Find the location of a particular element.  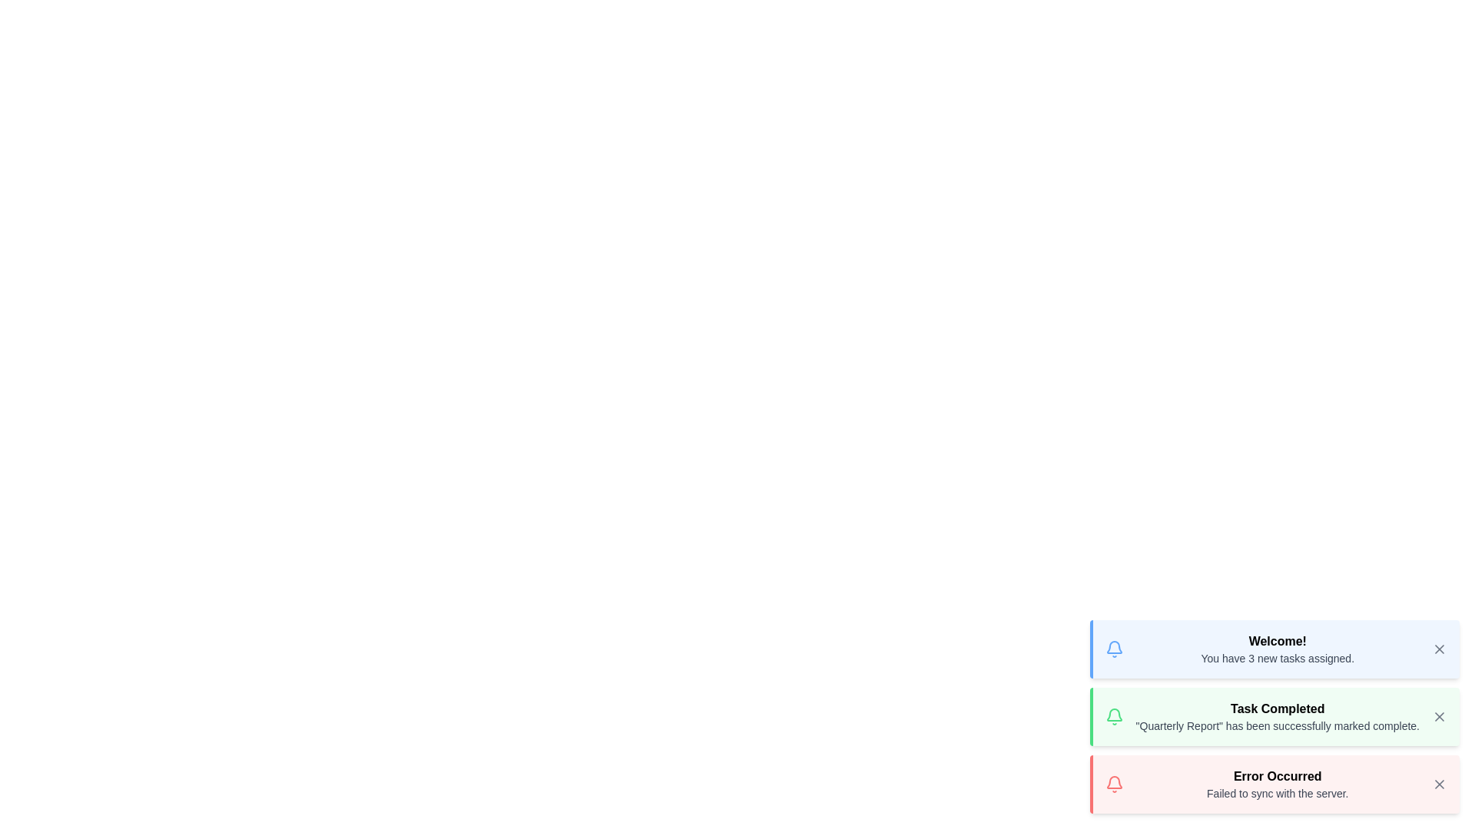

notification text of the second item in the notification panel, which indicates that the task has been completed and includes details about the 'Quarterly Report' is located at coordinates (1274, 716).